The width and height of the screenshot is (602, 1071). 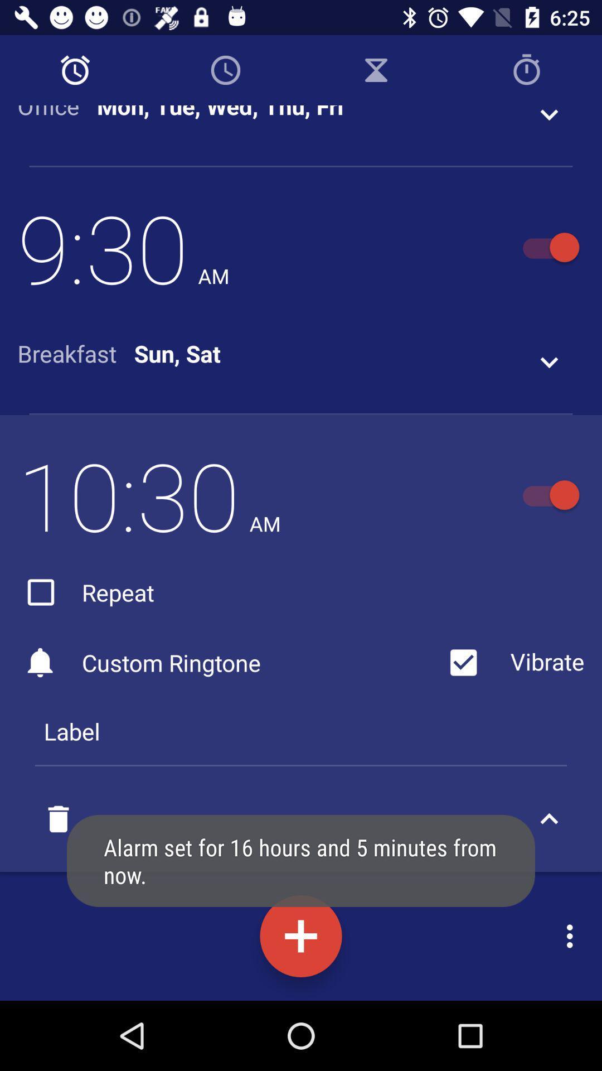 What do you see at coordinates (58, 819) in the screenshot?
I see `the icon at the bottom left corner` at bounding box center [58, 819].